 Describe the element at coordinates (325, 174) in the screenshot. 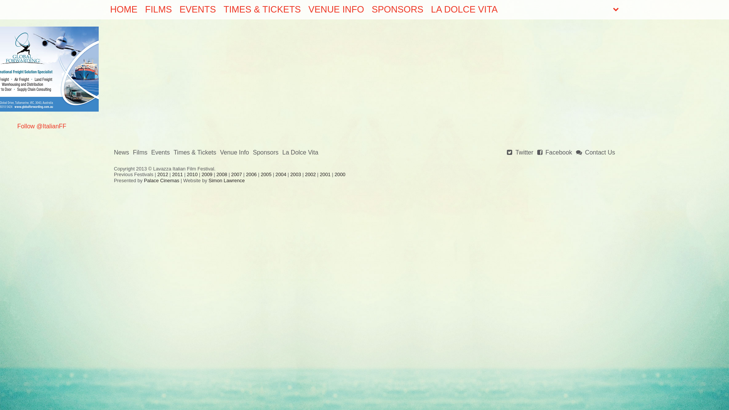

I see `'2001'` at that location.